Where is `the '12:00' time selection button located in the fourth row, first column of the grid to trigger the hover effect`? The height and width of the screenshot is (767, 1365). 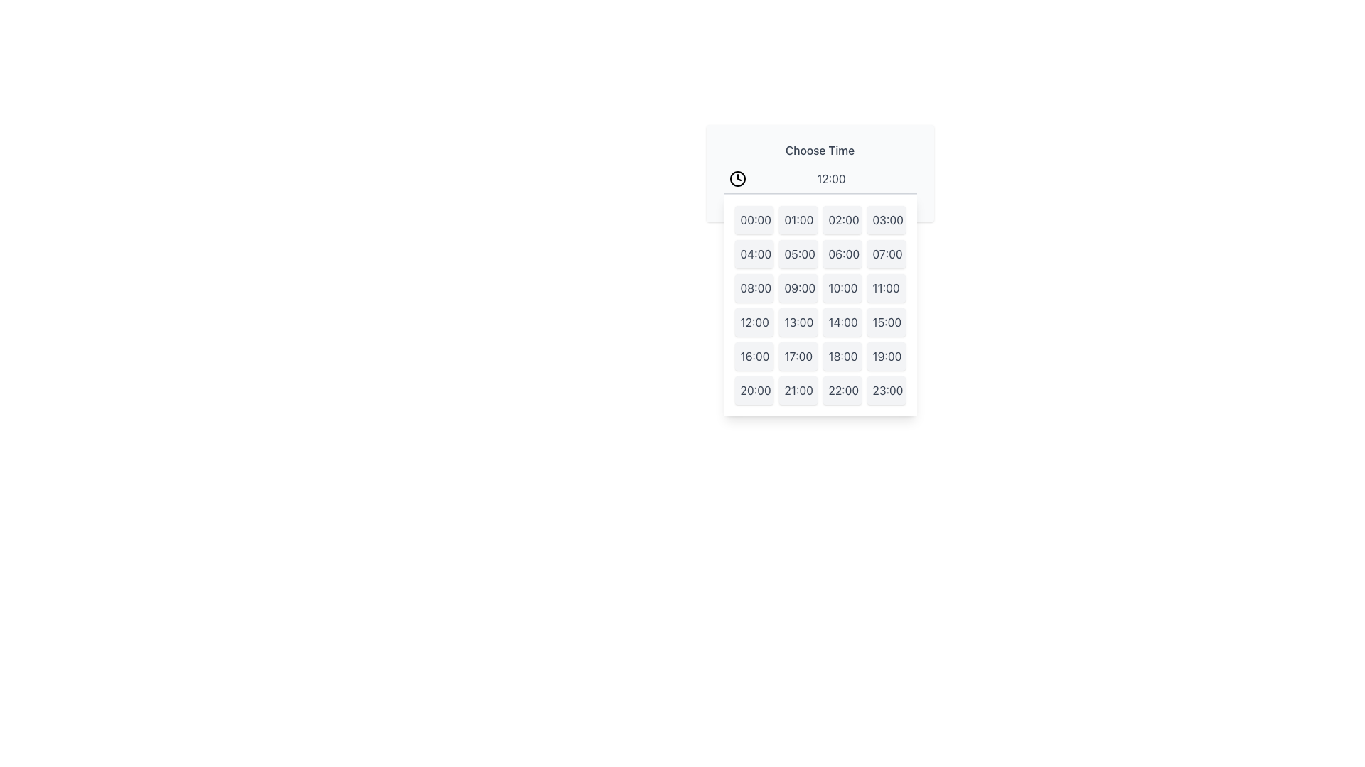 the '12:00' time selection button located in the fourth row, first column of the grid to trigger the hover effect is located at coordinates (753, 322).